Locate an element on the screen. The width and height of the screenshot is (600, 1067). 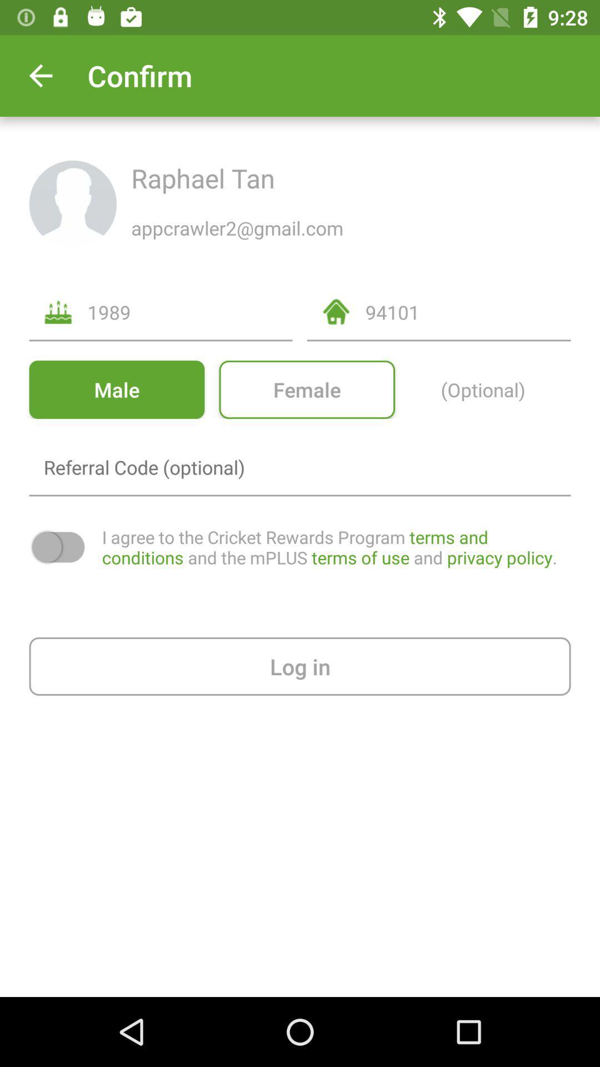
the switch buttonavilable below referral code is located at coordinates (58, 547).